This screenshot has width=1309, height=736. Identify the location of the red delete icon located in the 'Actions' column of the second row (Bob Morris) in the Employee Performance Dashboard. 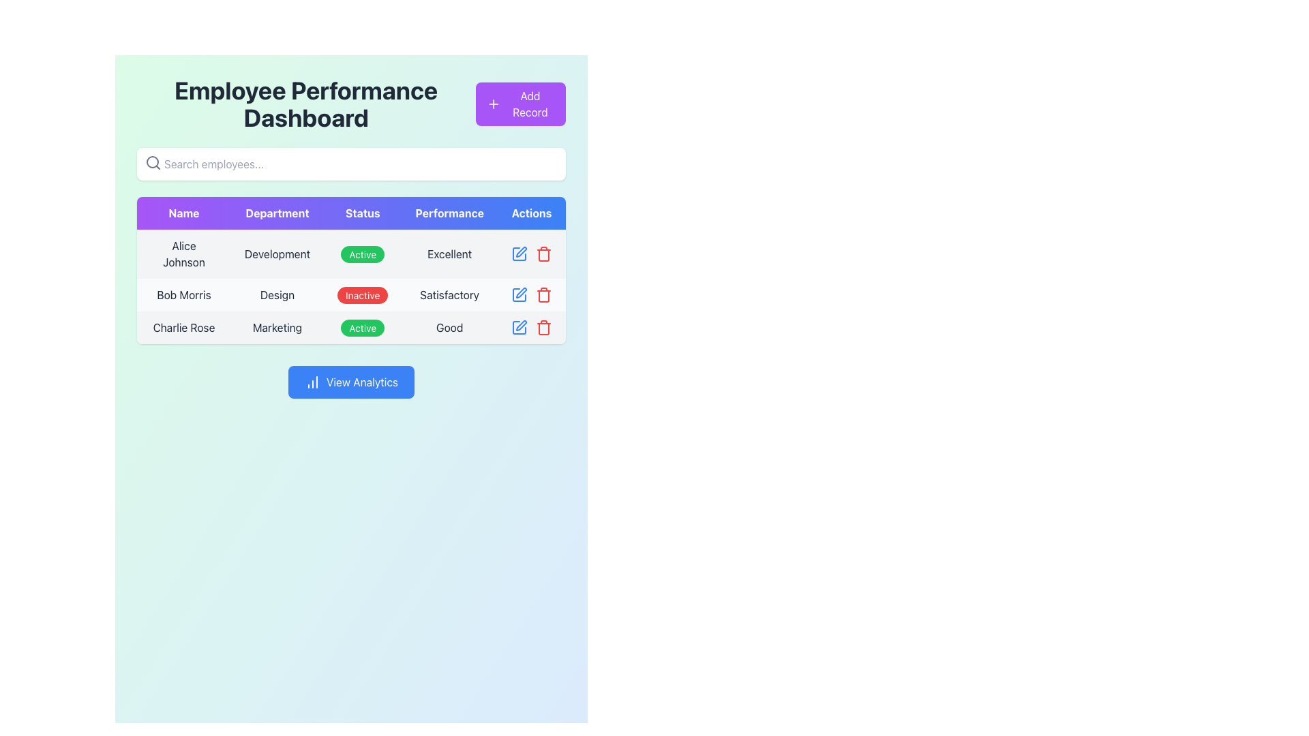
(530, 294).